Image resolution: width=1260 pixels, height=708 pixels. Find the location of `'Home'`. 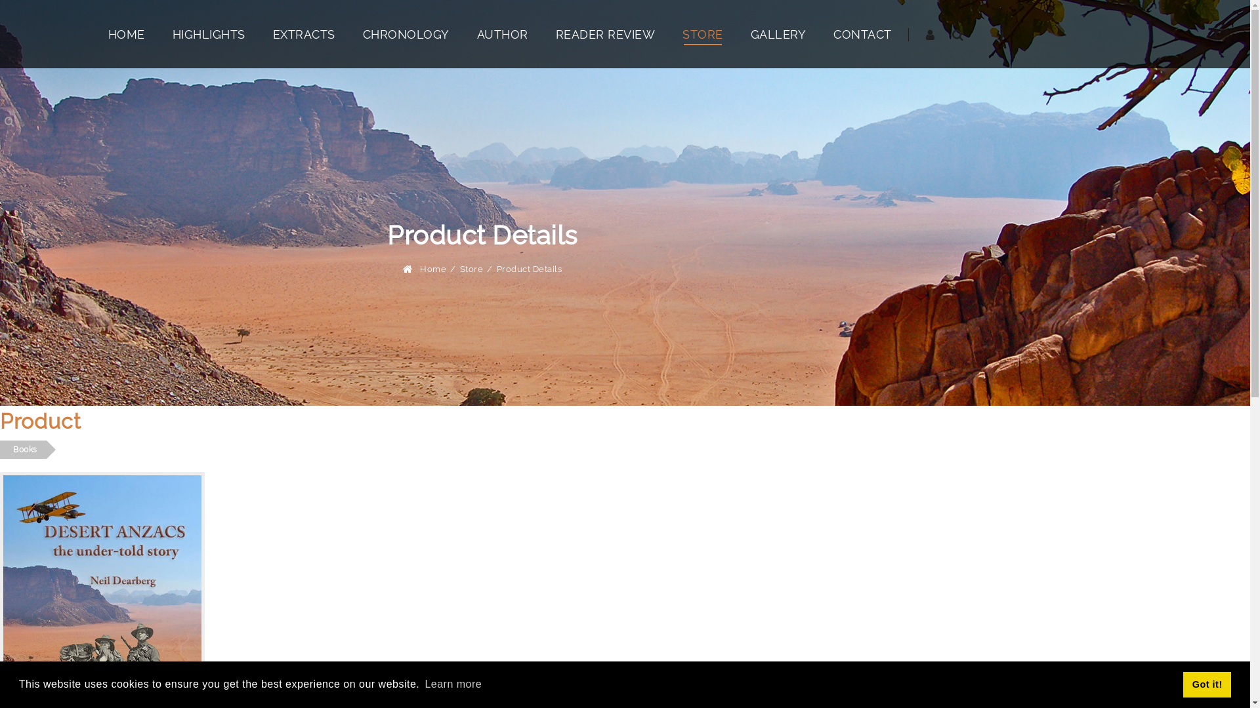

'Home' is located at coordinates (433, 268).